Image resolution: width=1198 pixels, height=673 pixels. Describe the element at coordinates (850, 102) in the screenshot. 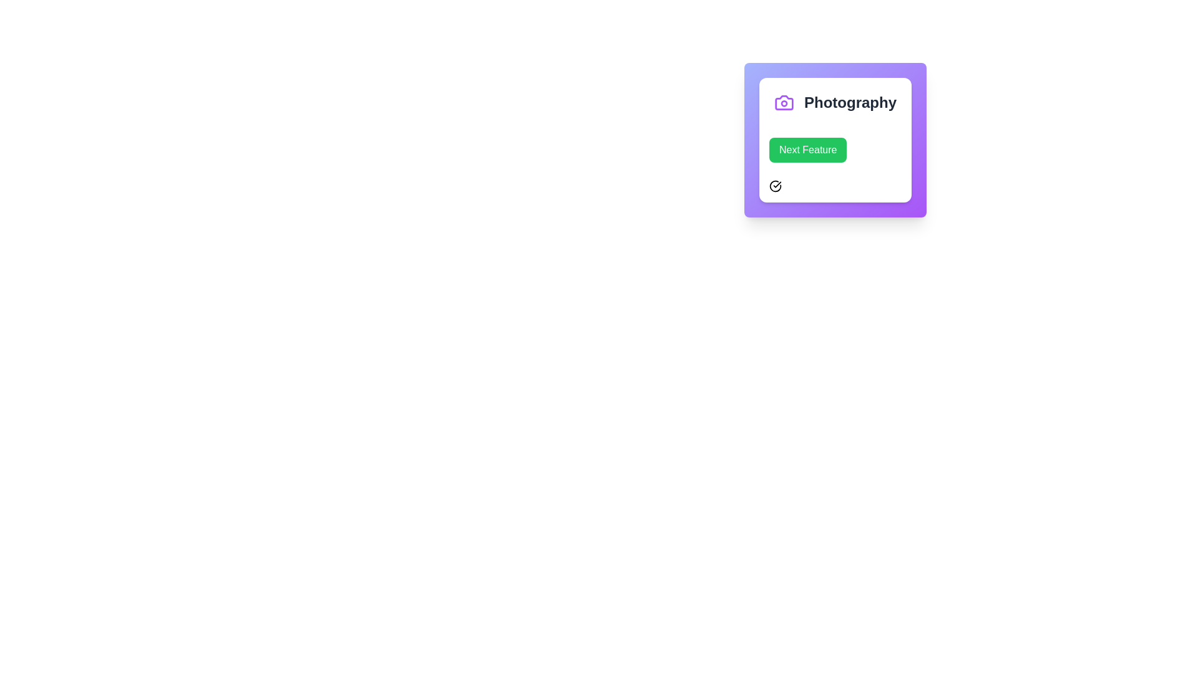

I see `the Text Label that displays 'Photography' in bold gray font, located within a small white card with a purple border` at that location.